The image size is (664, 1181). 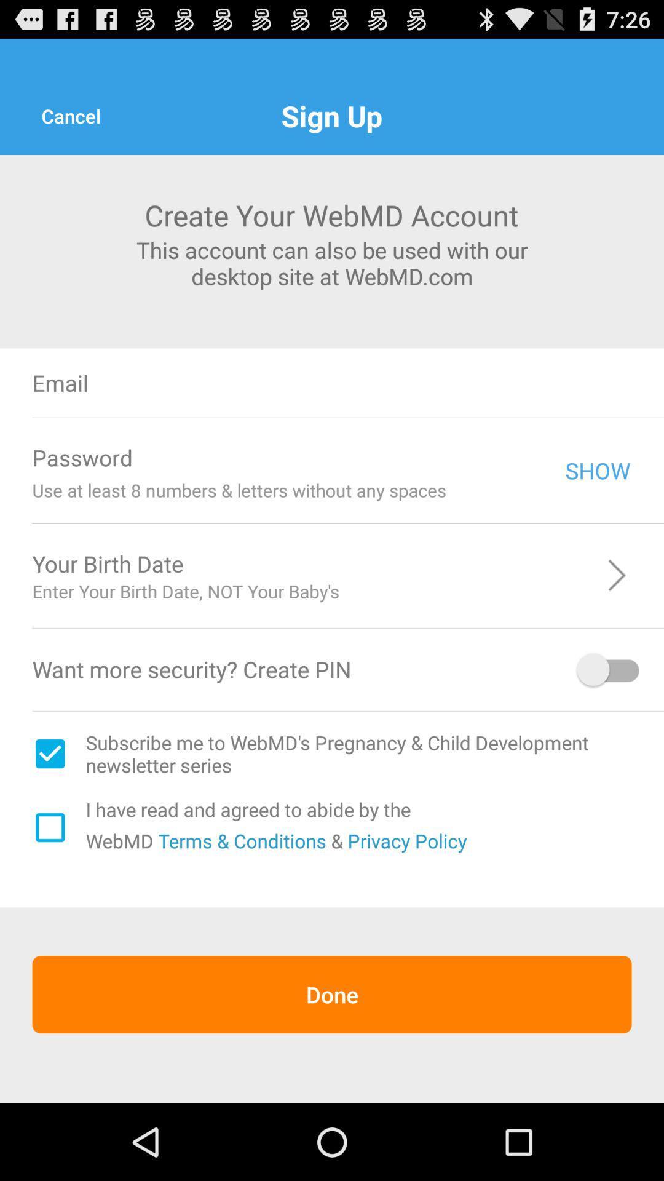 What do you see at coordinates (71, 116) in the screenshot?
I see `the cancel icon` at bounding box center [71, 116].